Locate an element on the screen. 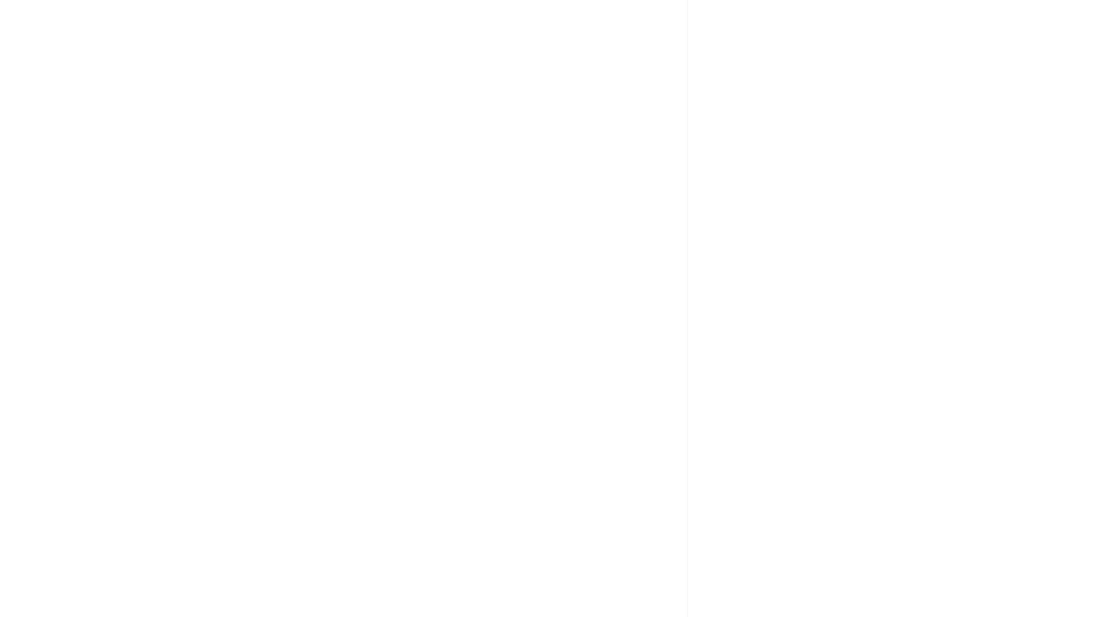  'Registered under National Trust : No. 0306/MR-MD/2003' is located at coordinates (301, 217).